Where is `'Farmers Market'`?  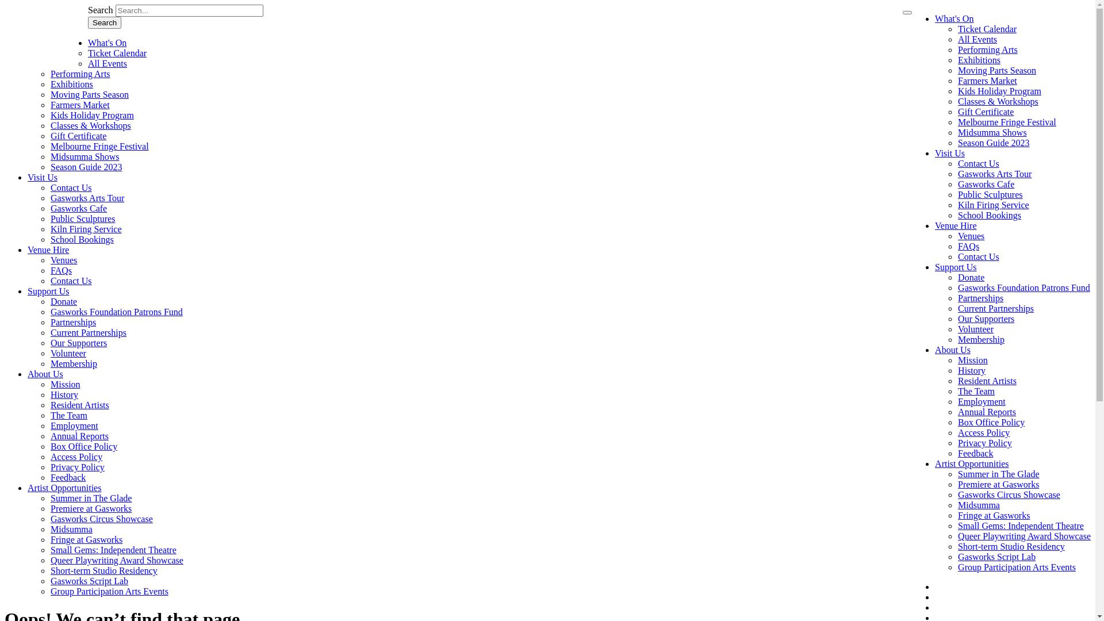
'Farmers Market' is located at coordinates (79, 105).